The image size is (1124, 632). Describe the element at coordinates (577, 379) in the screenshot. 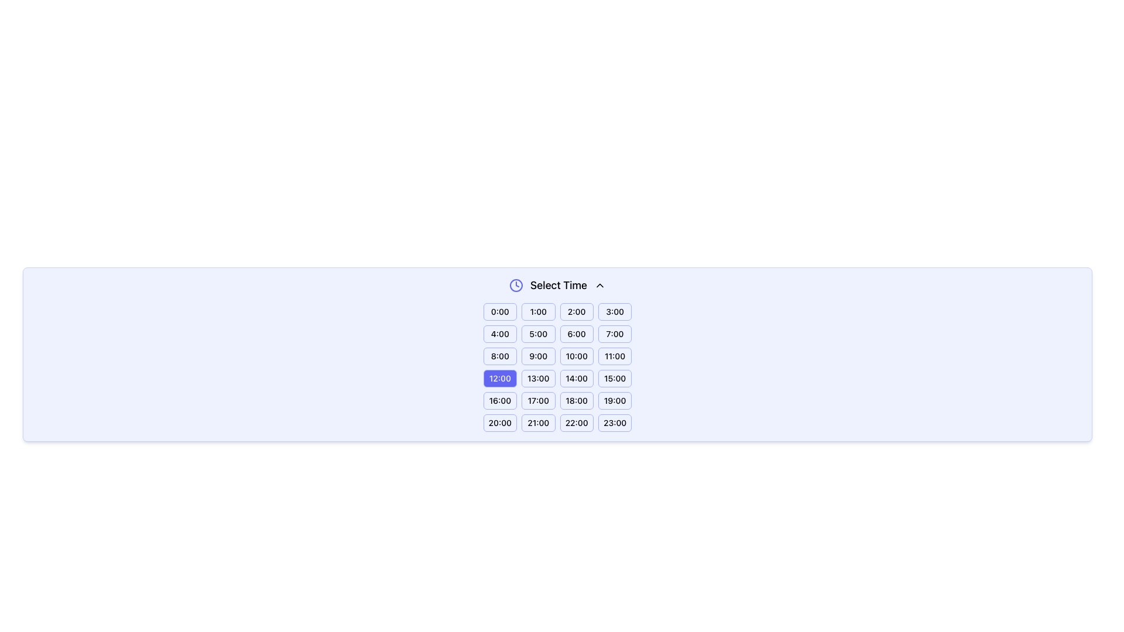

I see `the button representing the time '14:00'` at that location.